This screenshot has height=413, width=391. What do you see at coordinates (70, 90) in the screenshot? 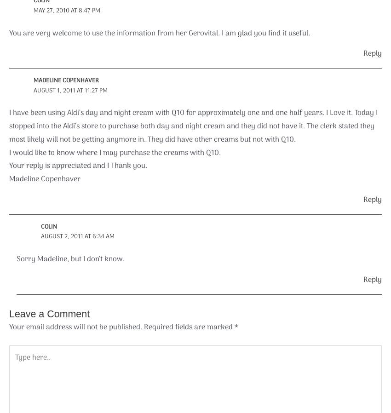
I see `'August 1, 2011 at 11:27 pm'` at bounding box center [70, 90].